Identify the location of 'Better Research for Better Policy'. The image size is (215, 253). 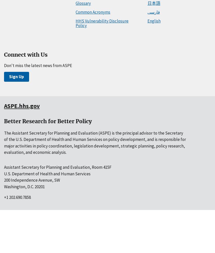
(48, 121).